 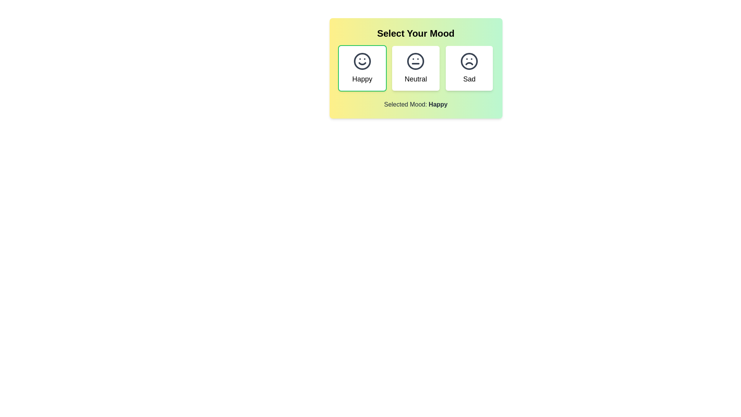 What do you see at coordinates (415, 104) in the screenshot?
I see `the text label that reads 'Selected Mood: Happy', which is styled in gray and indicates the currently selected mood` at bounding box center [415, 104].